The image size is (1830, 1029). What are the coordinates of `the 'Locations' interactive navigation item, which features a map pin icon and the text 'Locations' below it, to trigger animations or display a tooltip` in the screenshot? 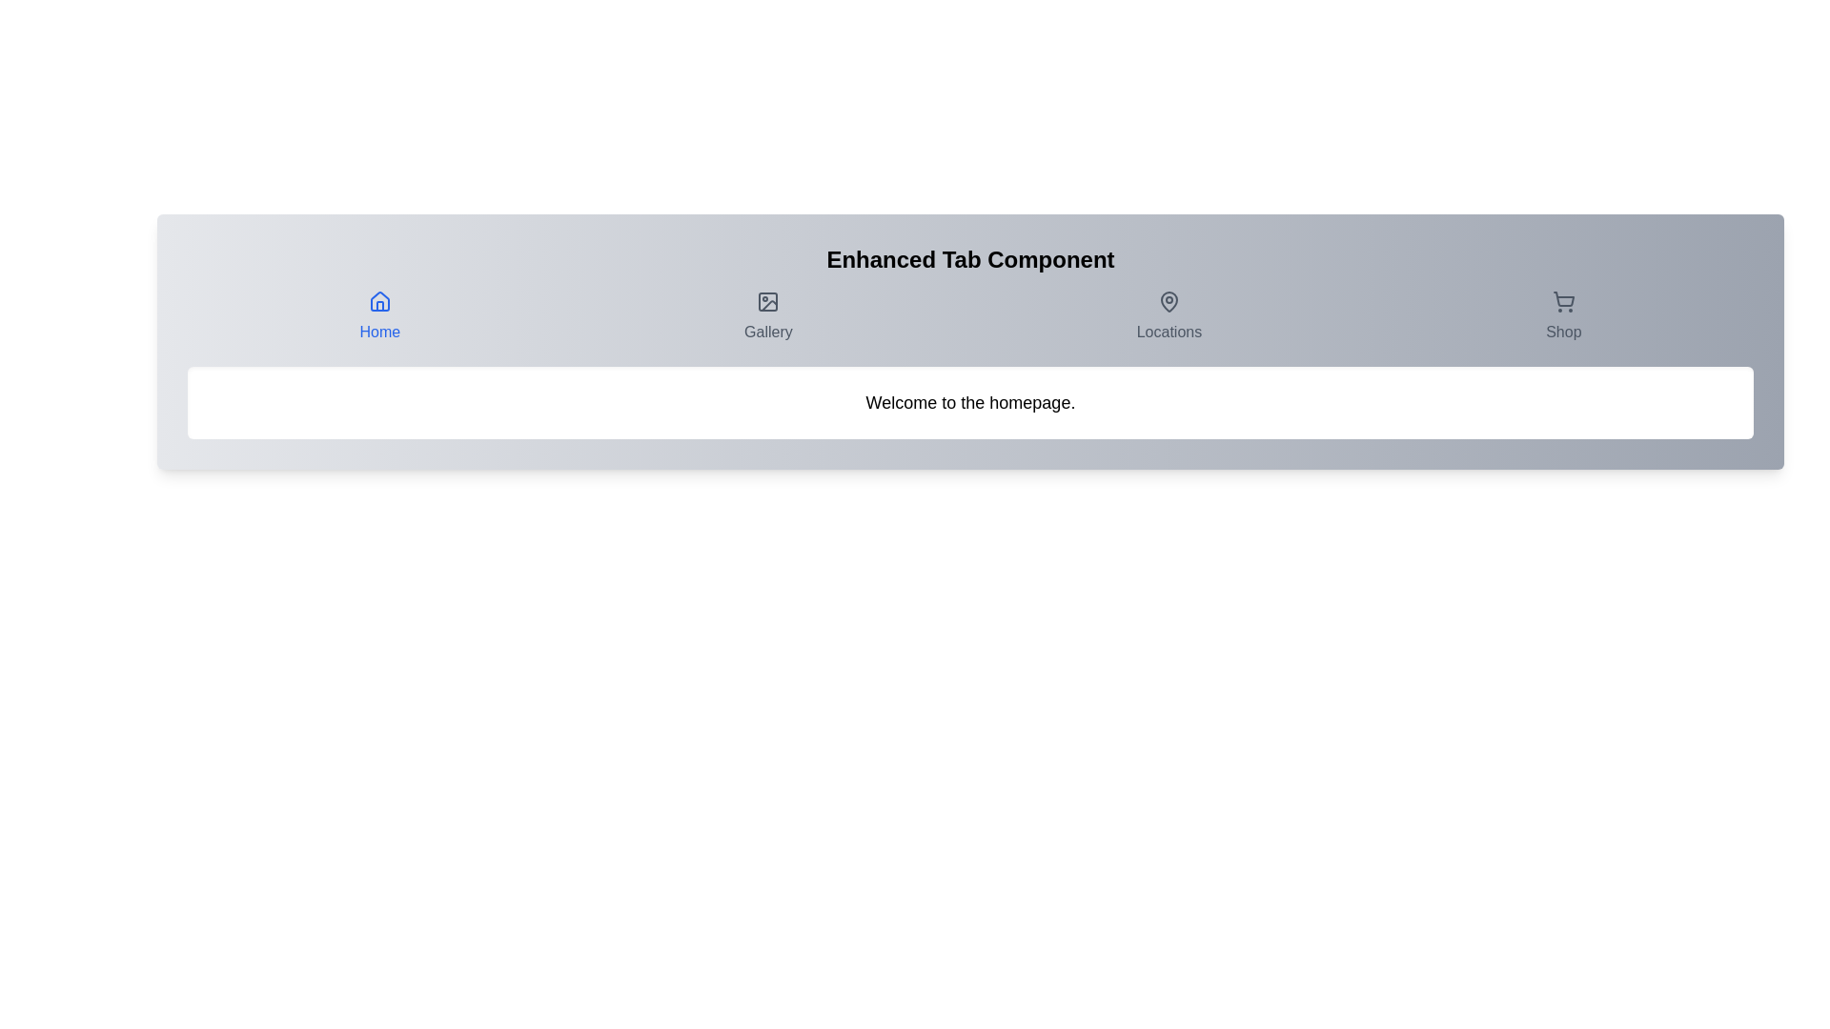 It's located at (1168, 315).